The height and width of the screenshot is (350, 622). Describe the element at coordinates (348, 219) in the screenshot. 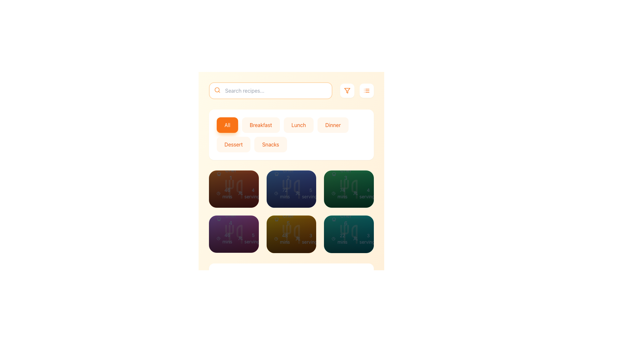

I see `the recipe Card located in the bottom row of the grid` at that location.